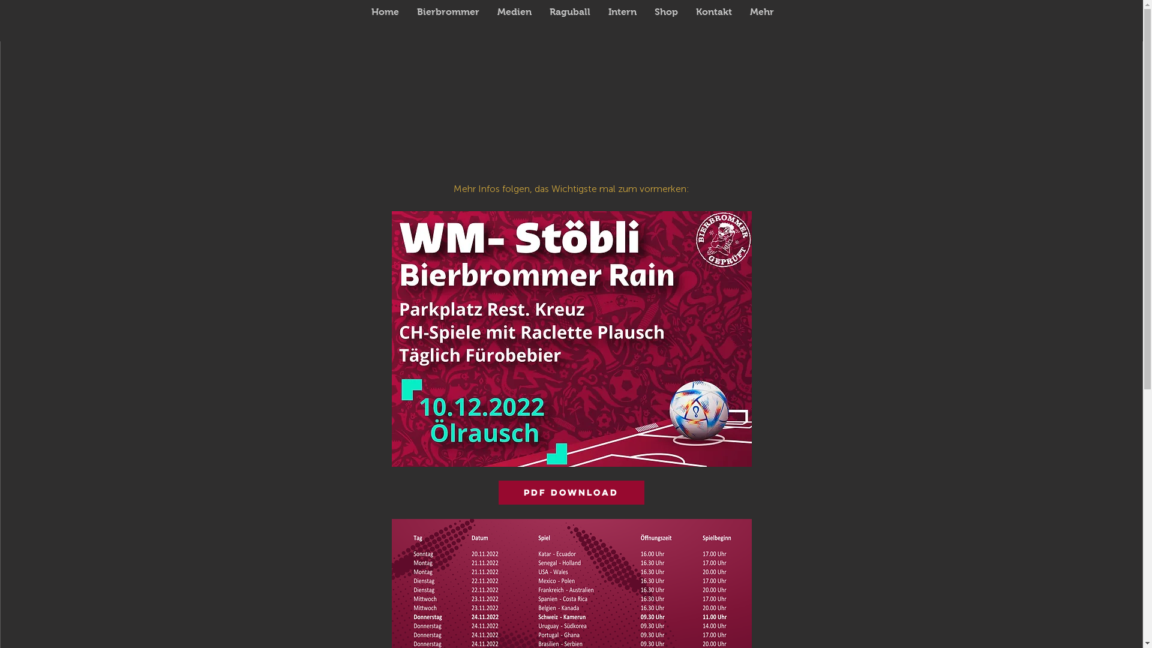 The height and width of the screenshot is (648, 1152). What do you see at coordinates (385, 20) in the screenshot?
I see `'Home'` at bounding box center [385, 20].